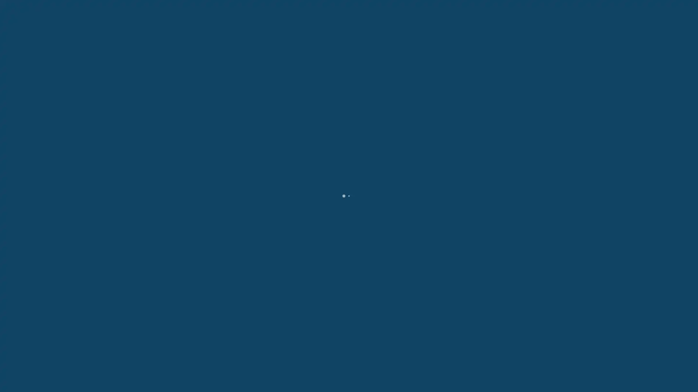 The width and height of the screenshot is (698, 392). What do you see at coordinates (349, 212) in the screenshot?
I see `Login` at bounding box center [349, 212].